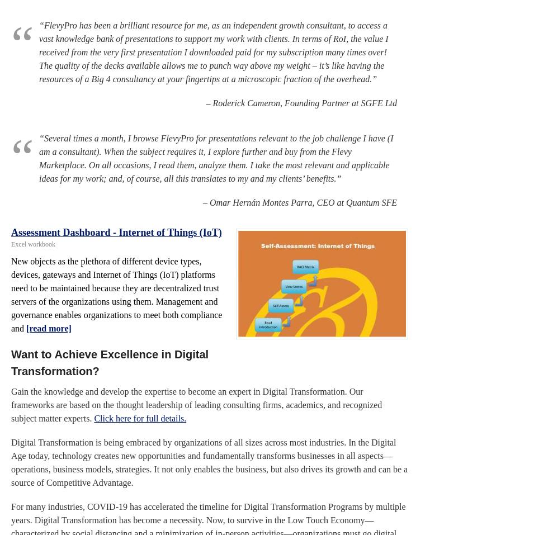 The image size is (548, 535). What do you see at coordinates (110, 361) in the screenshot?
I see `'Want to Achieve Excellence in Digital Transformation?'` at bounding box center [110, 361].